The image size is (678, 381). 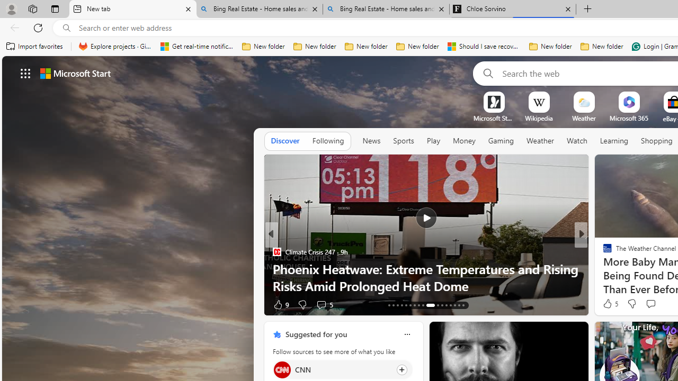 I want to click on 'AutomationID: tab-20', so click(x=418, y=305).